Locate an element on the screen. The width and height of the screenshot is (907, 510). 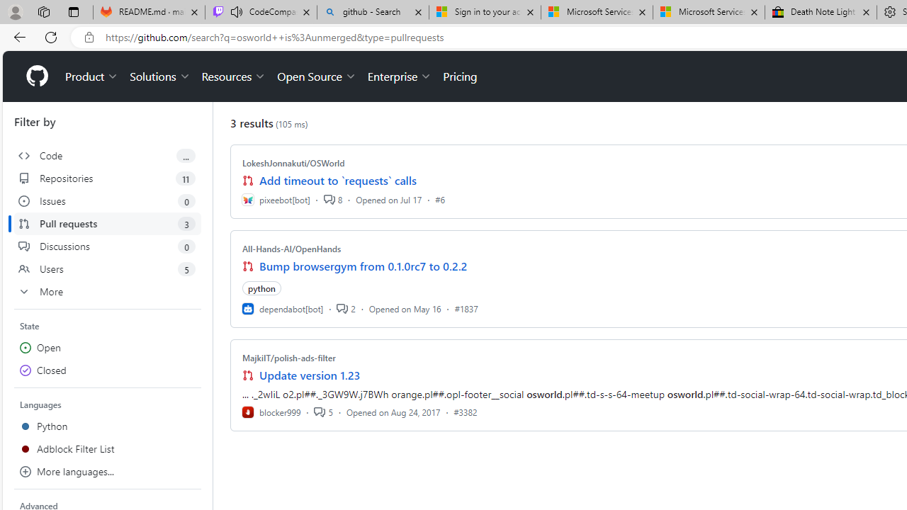
'#1837' is located at coordinates (466, 307).